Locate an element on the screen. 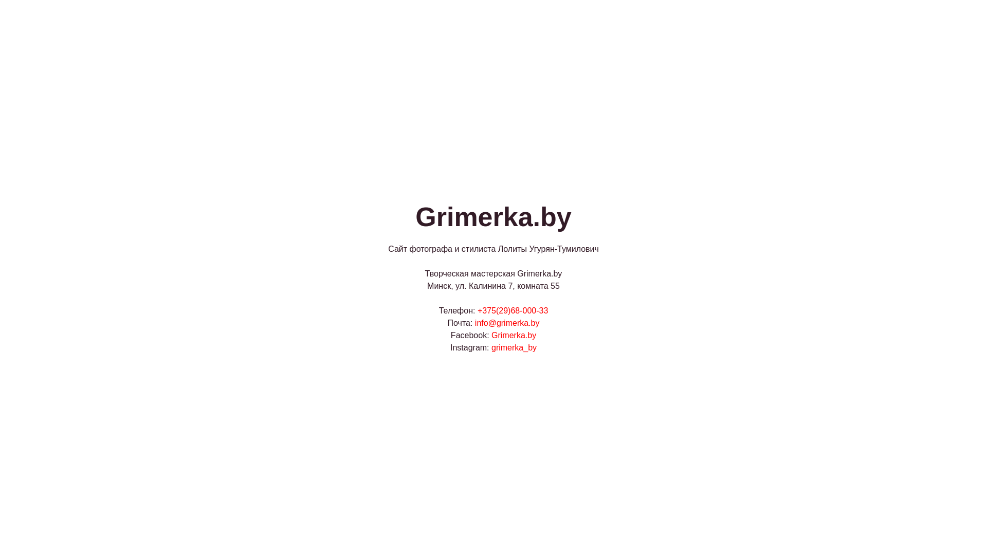 The height and width of the screenshot is (555, 987). '+375(29)68-000-33' is located at coordinates (513, 310).